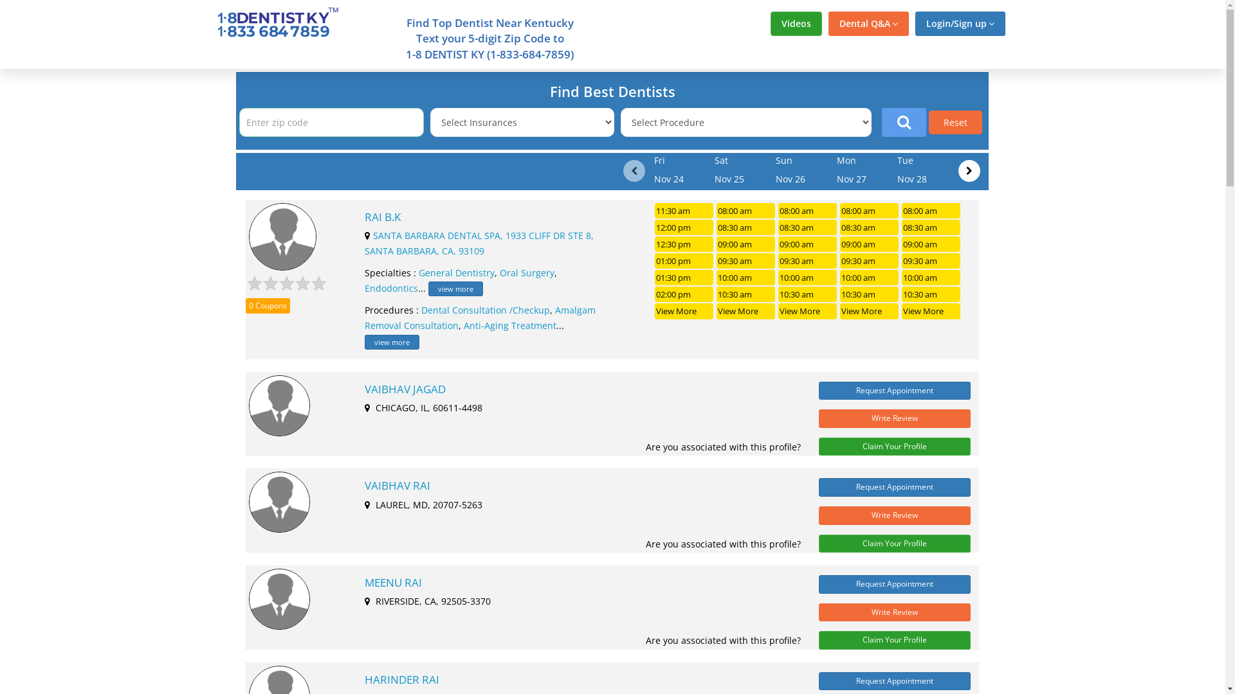  Describe the element at coordinates (746, 227) in the screenshot. I see `'08:30 am'` at that location.